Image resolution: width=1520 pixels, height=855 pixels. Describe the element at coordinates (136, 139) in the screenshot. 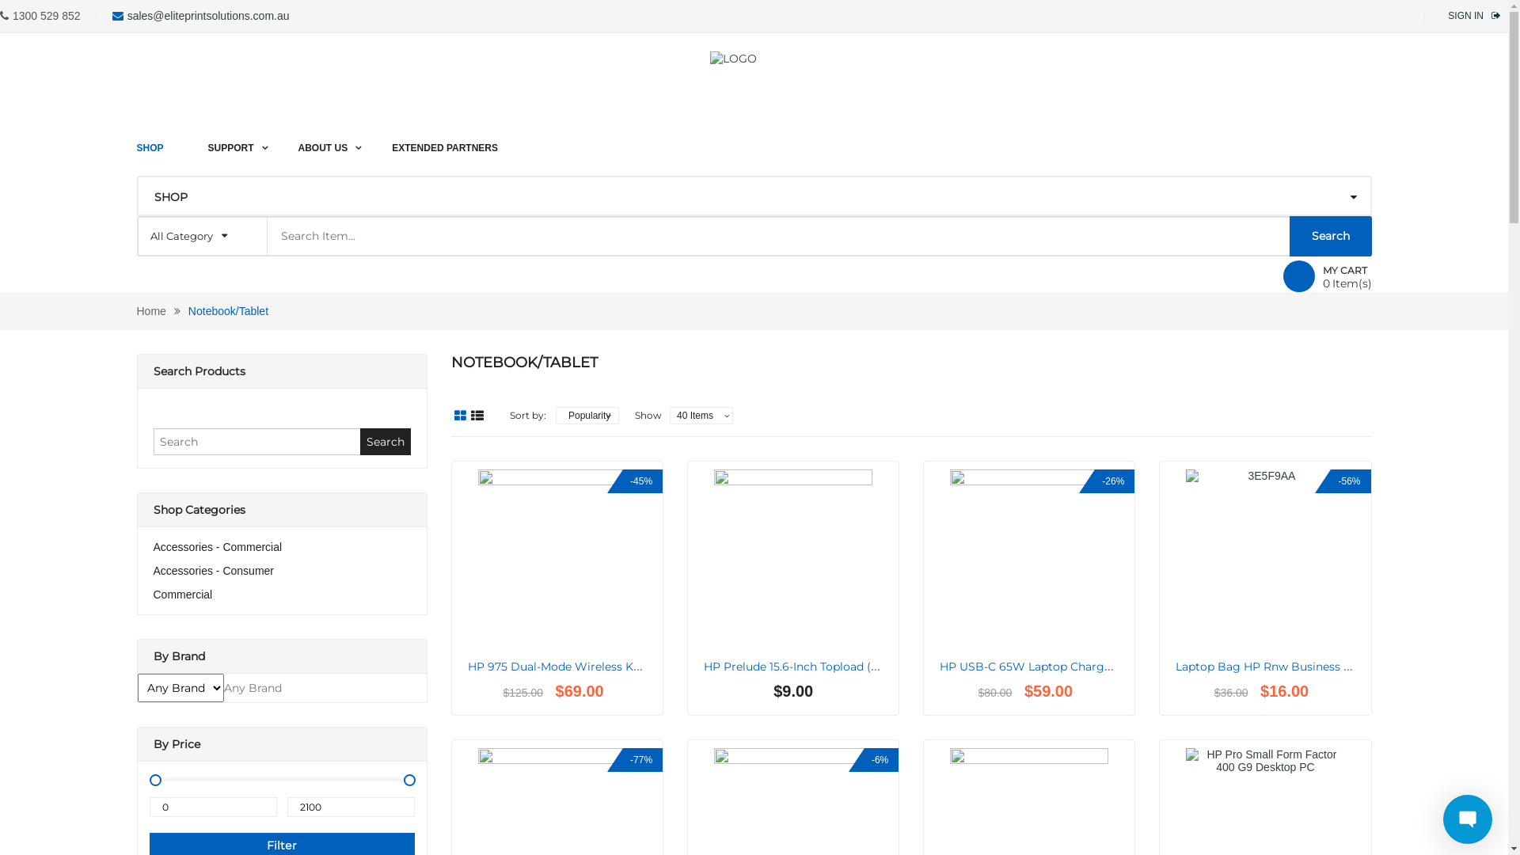

I see `'SHOP'` at that location.